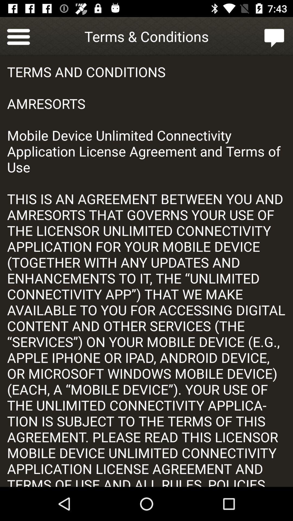  What do you see at coordinates (274, 36) in the screenshot?
I see `the chat icon` at bounding box center [274, 36].